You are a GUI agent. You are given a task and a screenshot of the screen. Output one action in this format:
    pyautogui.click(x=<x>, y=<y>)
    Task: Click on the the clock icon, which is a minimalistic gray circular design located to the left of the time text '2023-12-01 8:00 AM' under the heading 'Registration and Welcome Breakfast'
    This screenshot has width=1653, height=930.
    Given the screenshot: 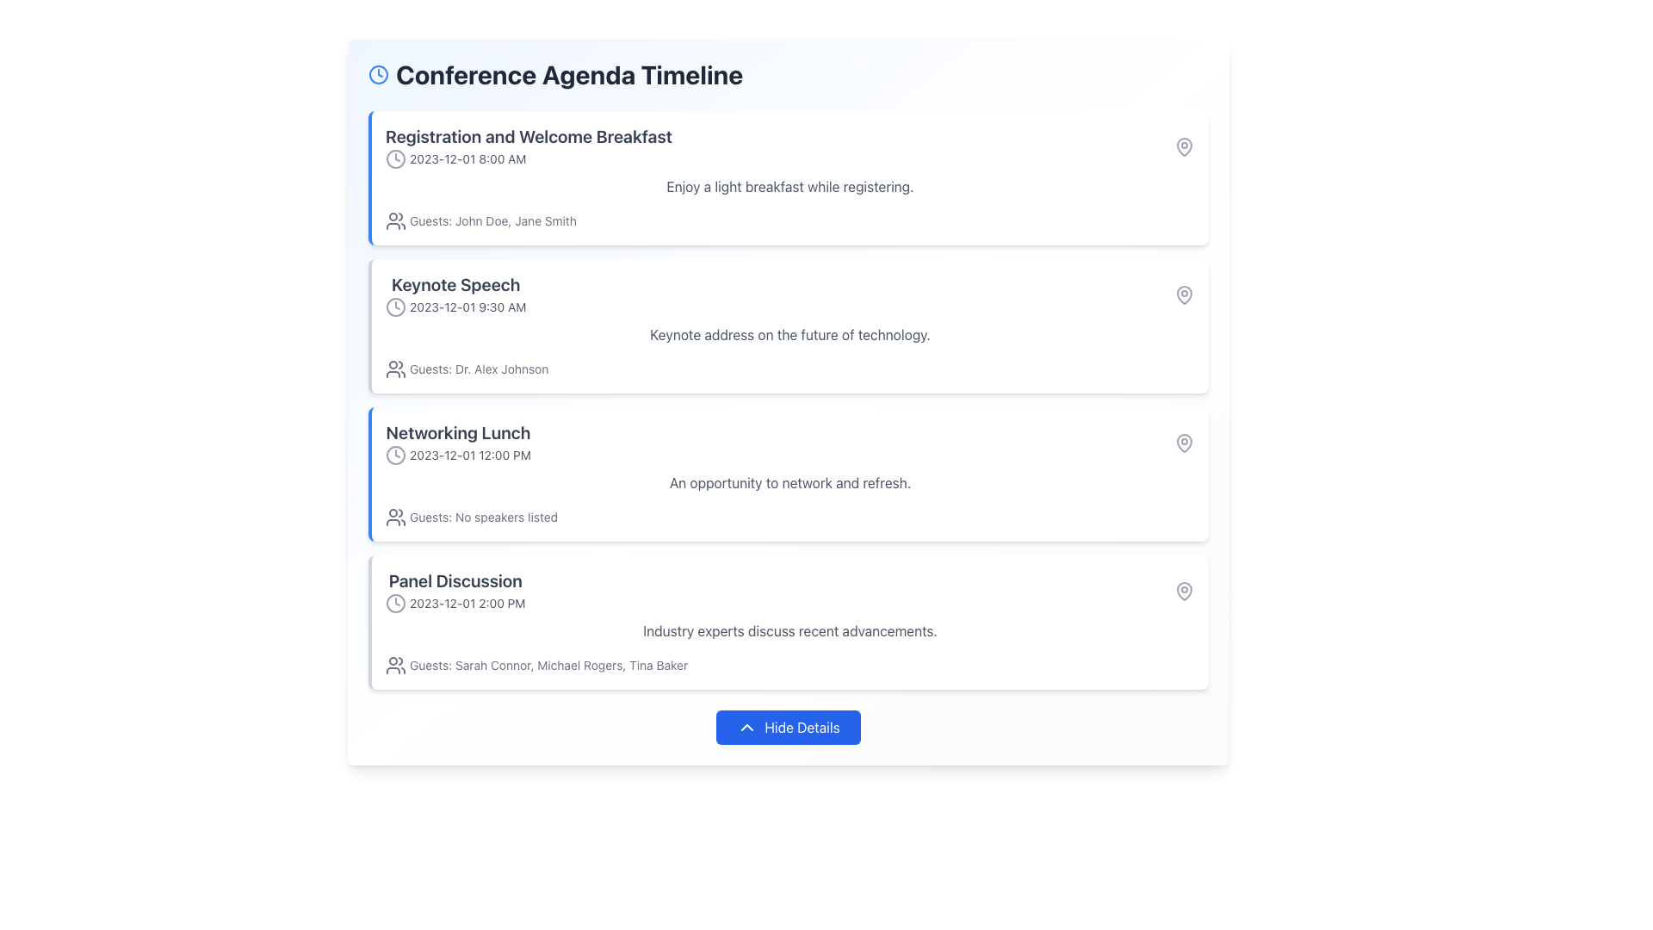 What is the action you would take?
    pyautogui.click(x=395, y=159)
    